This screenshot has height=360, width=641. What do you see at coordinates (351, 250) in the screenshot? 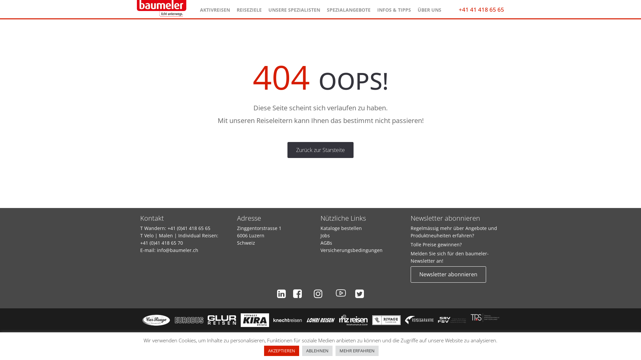
I see `'Versicherungsbedingungen'` at bounding box center [351, 250].